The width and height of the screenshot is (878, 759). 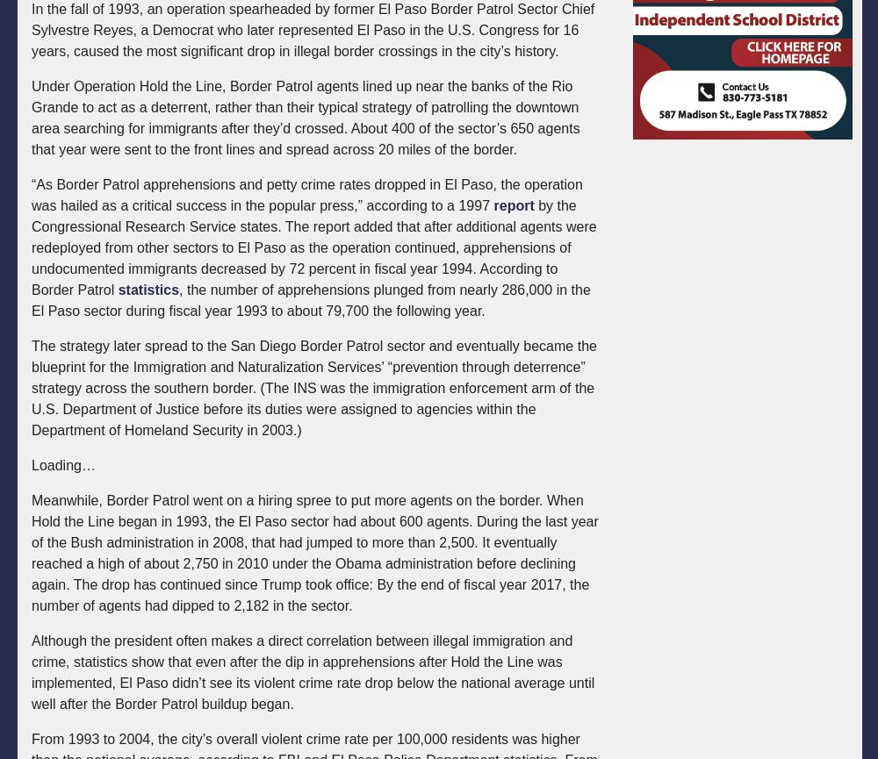 I want to click on 'The strategy later spread to the San Diego Border Patrol sector and eventually became the blueprint for the Immigration and Naturalization Services’ “prevention through deterrence” strategy across the southern border. (The INS was the immigration enforcement arm of the U.S. Department of Justice before its duties were assigned to agencies within the Department of Homeland Security in 2003.)', so click(x=313, y=387).